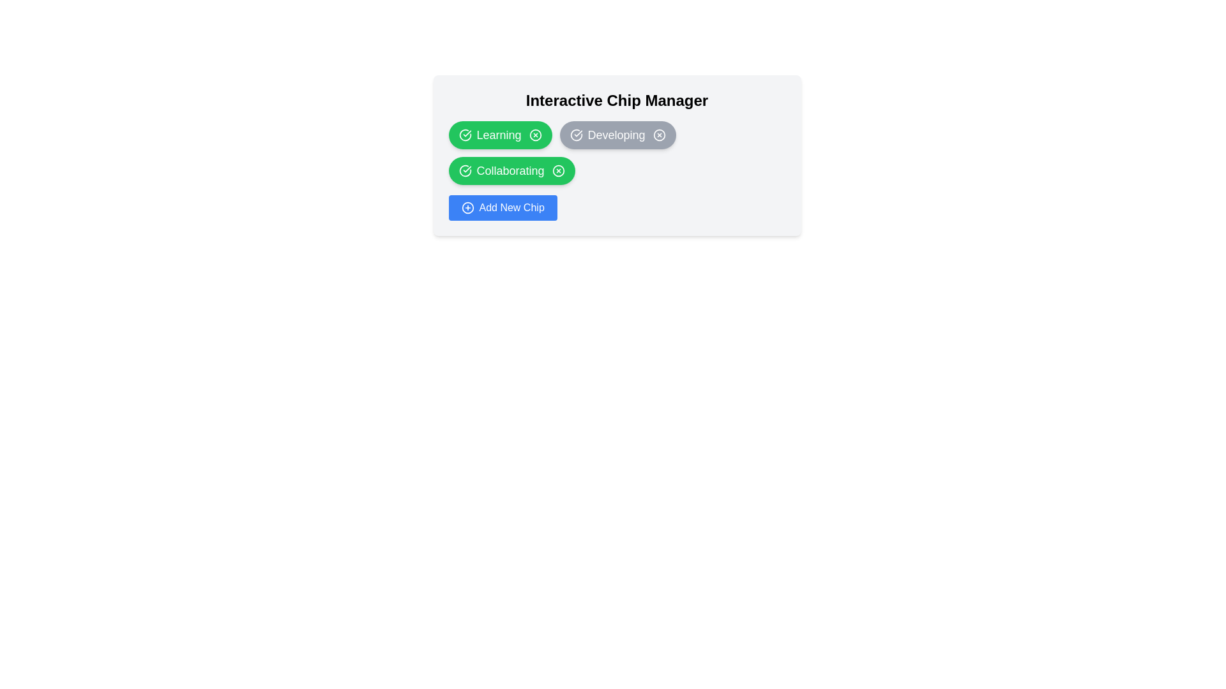 The width and height of the screenshot is (1226, 689). I want to click on the circular button-like UI component that is part of the 'Developing' chip, so click(659, 135).